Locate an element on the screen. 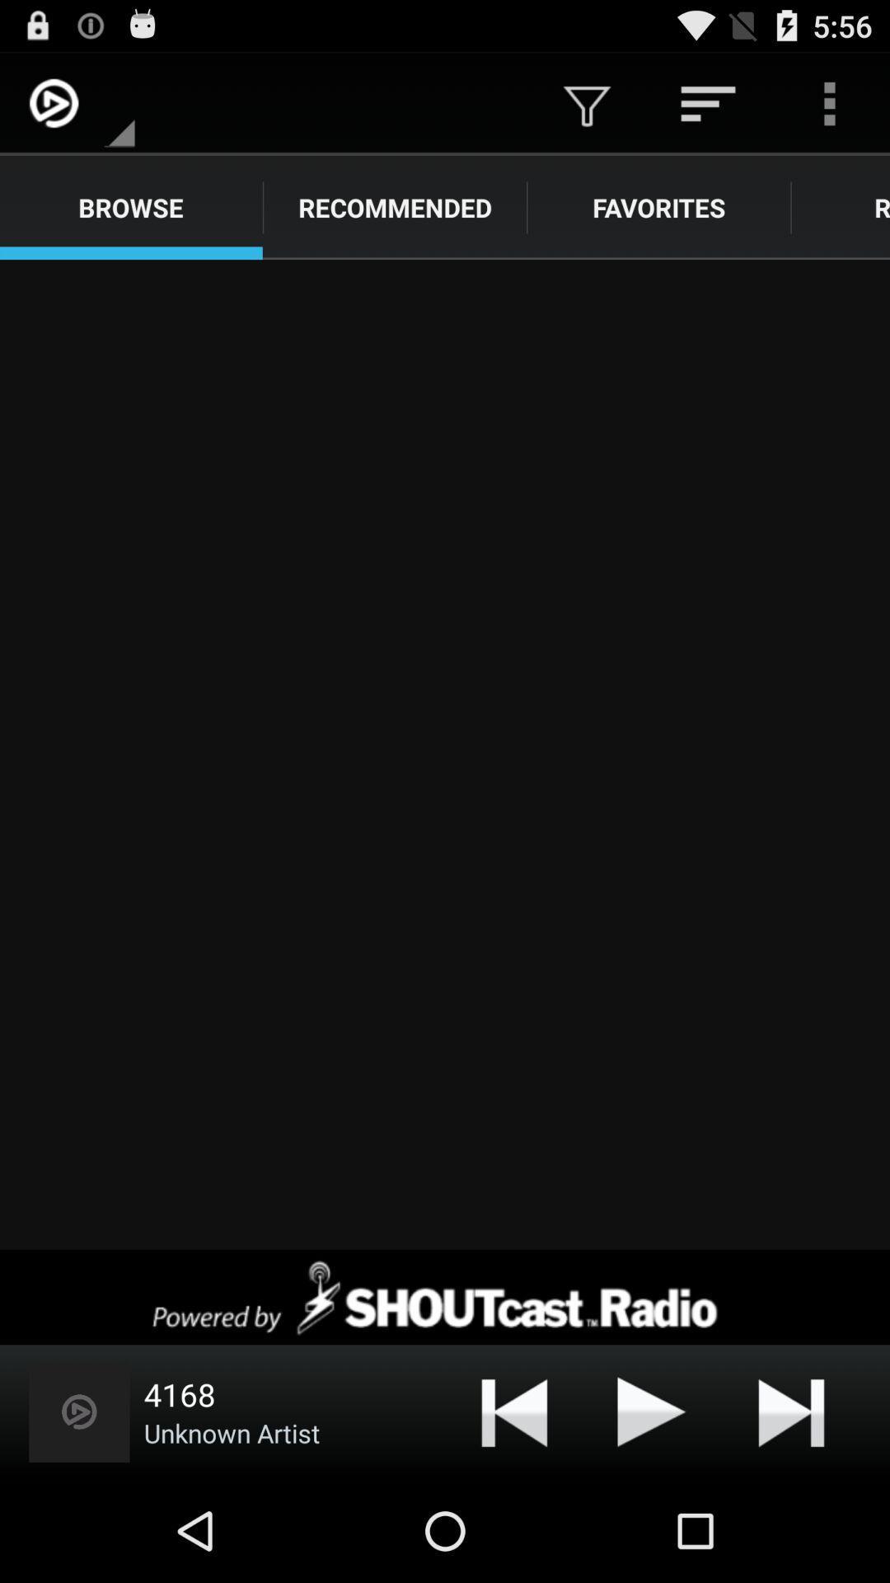 This screenshot has height=1583, width=890. the send icon is located at coordinates (651, 1510).